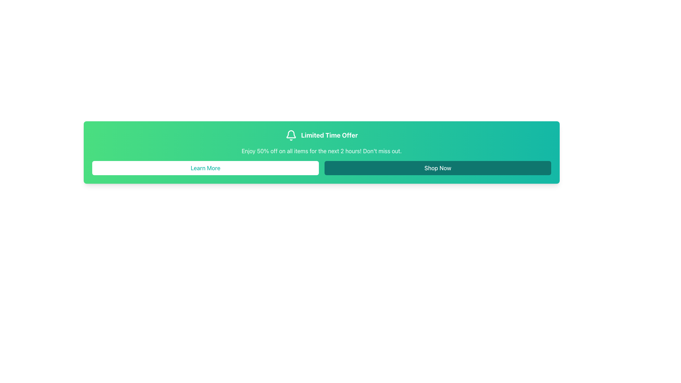 Image resolution: width=681 pixels, height=383 pixels. Describe the element at coordinates (321, 150) in the screenshot. I see `the informational static text element that attracts attention towards the time-limited promotional discount offer, located below the 'Limited Time Offer' headline and above the 'Learn More' and 'Shop Now' buttons` at that location.